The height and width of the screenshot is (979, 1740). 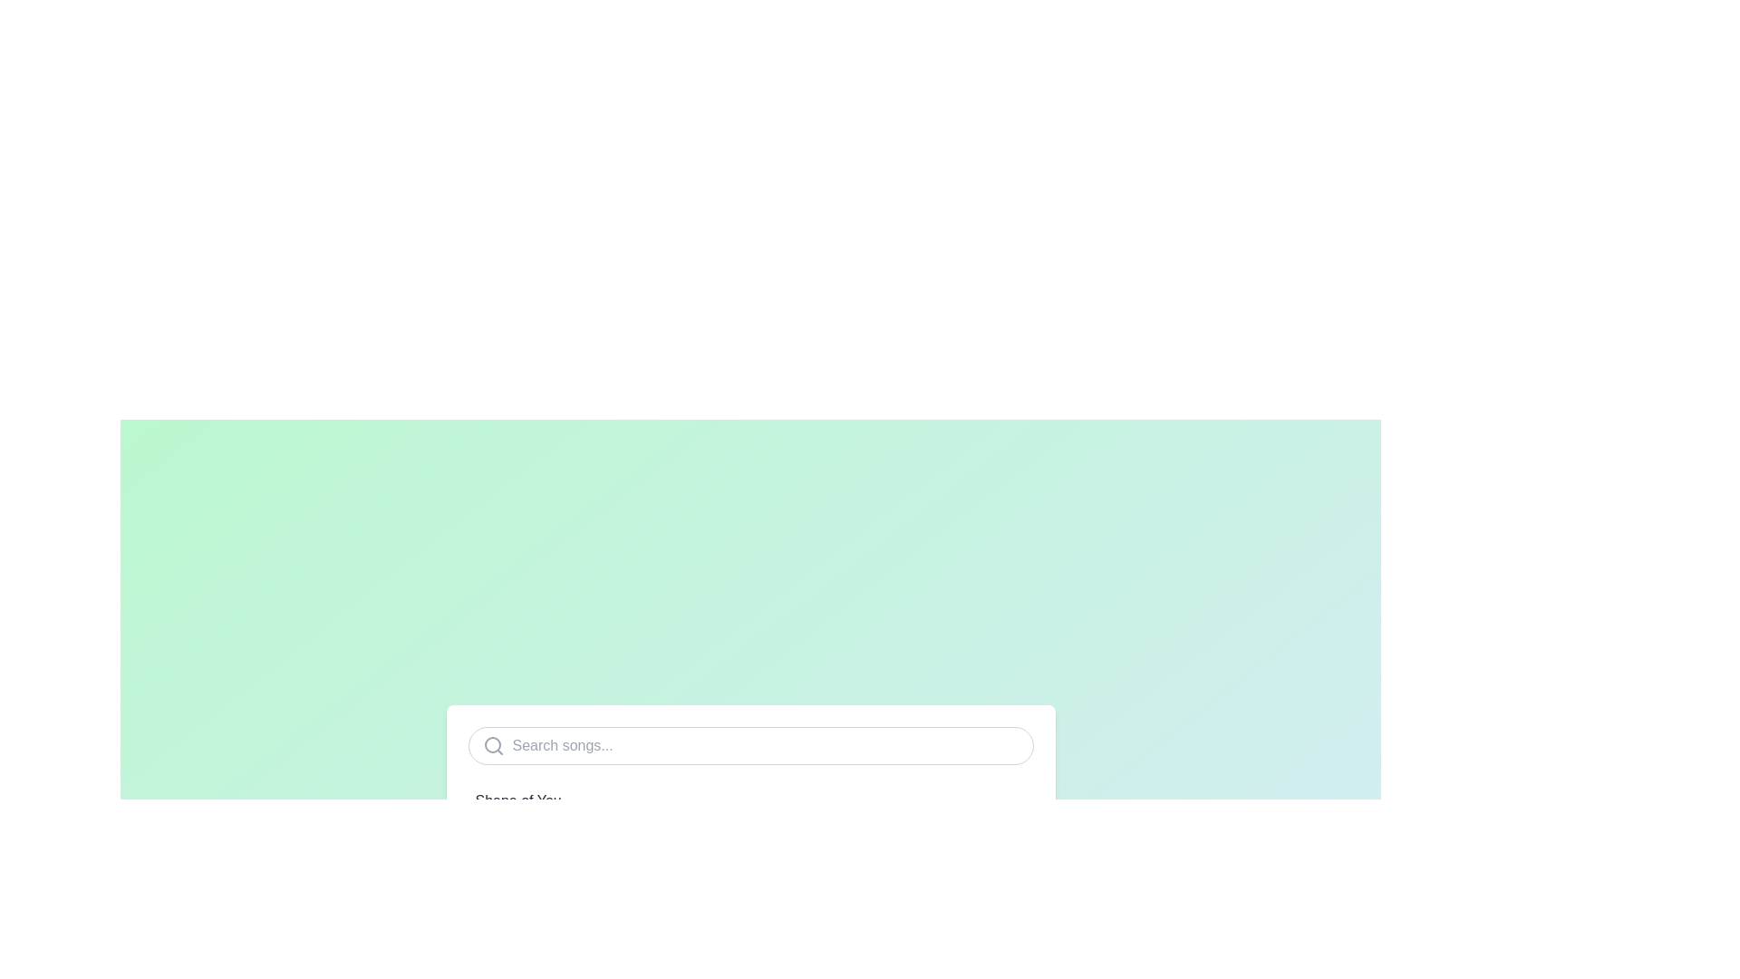 What do you see at coordinates (1015, 872) in the screenshot?
I see `the green circular SVG element located at the bottom-right corner of the interface` at bounding box center [1015, 872].